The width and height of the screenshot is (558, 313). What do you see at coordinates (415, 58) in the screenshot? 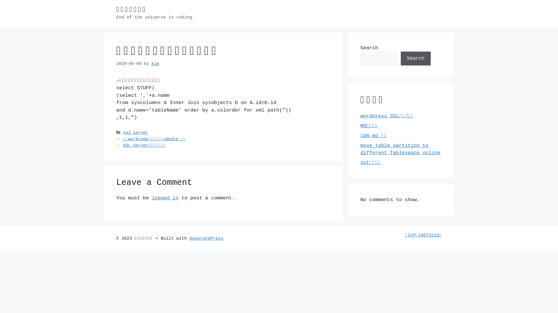
I see `'Search'` at bounding box center [415, 58].